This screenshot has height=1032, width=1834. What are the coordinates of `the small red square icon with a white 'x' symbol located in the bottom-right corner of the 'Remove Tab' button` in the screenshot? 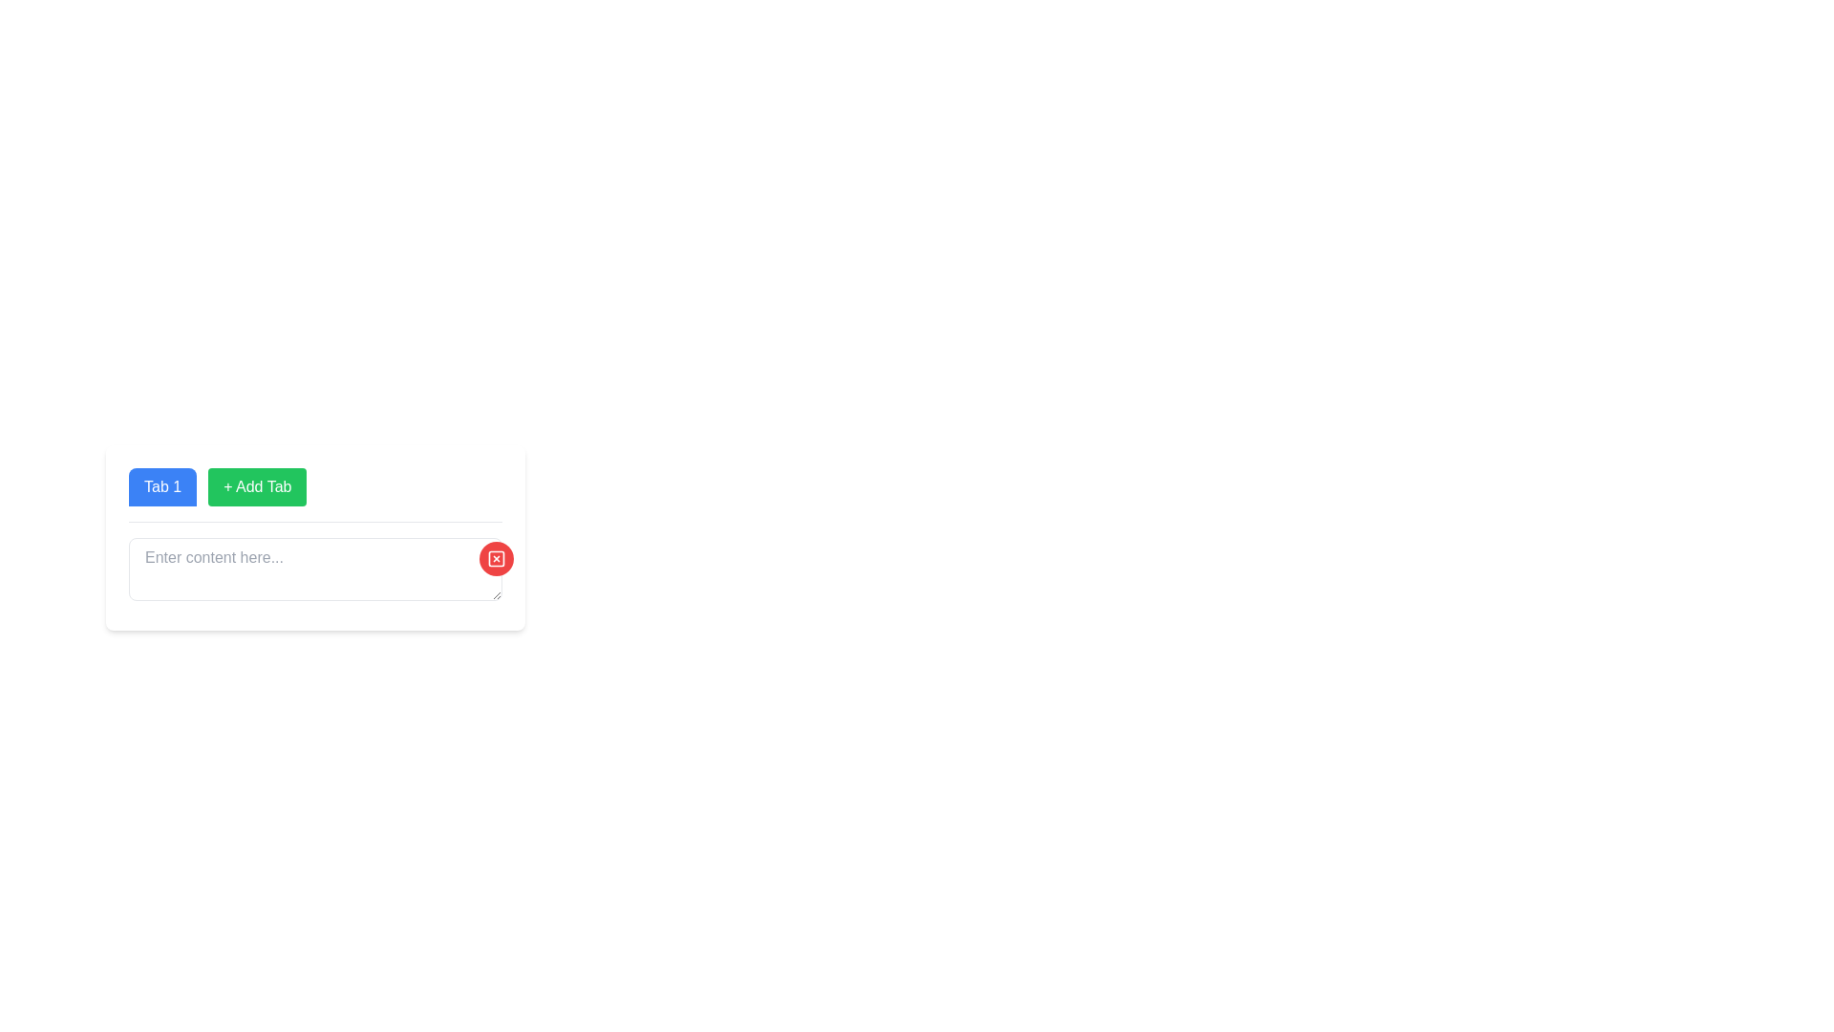 It's located at (496, 559).